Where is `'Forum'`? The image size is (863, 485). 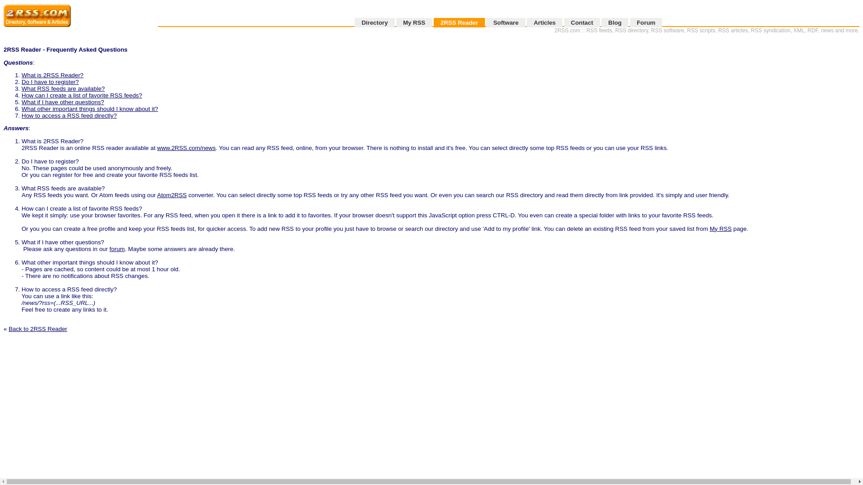 'Forum' is located at coordinates (645, 22).